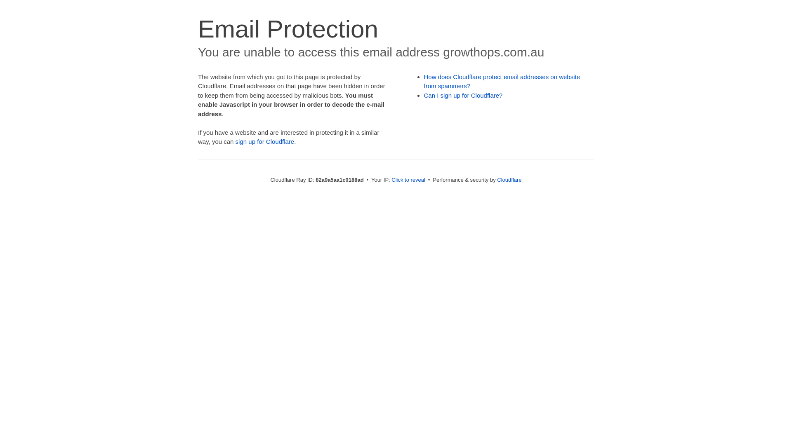  What do you see at coordinates (391, 179) in the screenshot?
I see `'Click to reveal'` at bounding box center [391, 179].